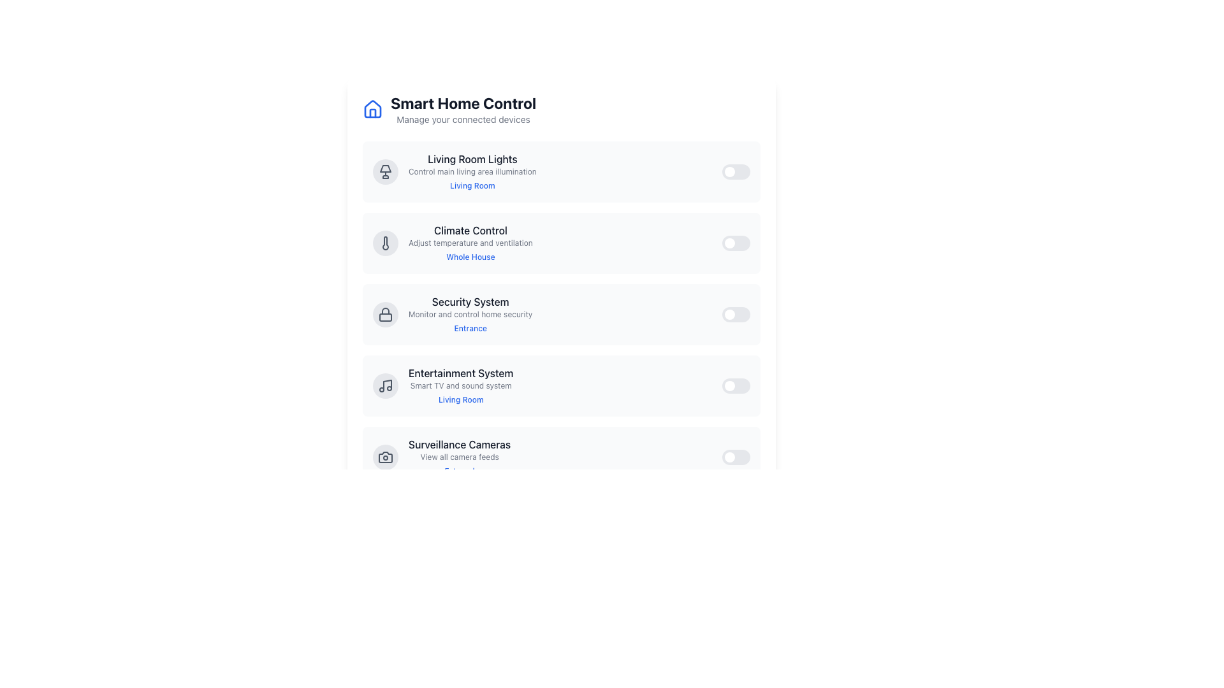  Describe the element at coordinates (736, 243) in the screenshot. I see `the toggle switch for 'Climate Control'` at that location.